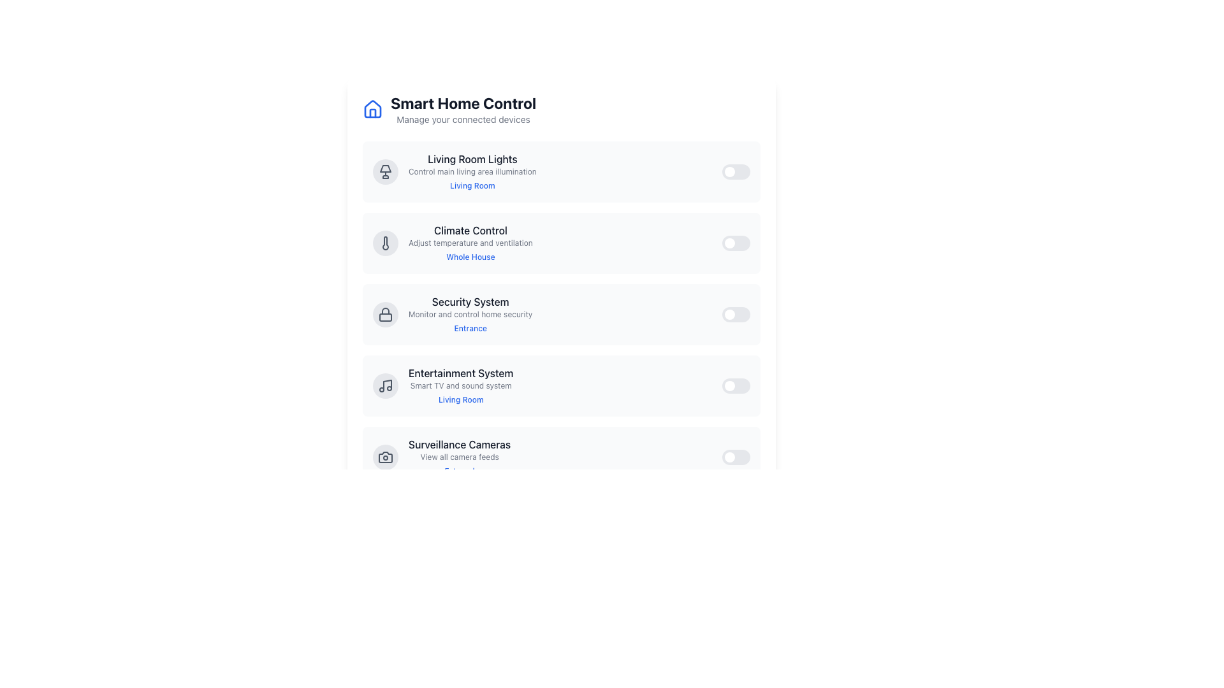  Describe the element at coordinates (736, 243) in the screenshot. I see `the toggle switch for 'Climate Control'` at that location.